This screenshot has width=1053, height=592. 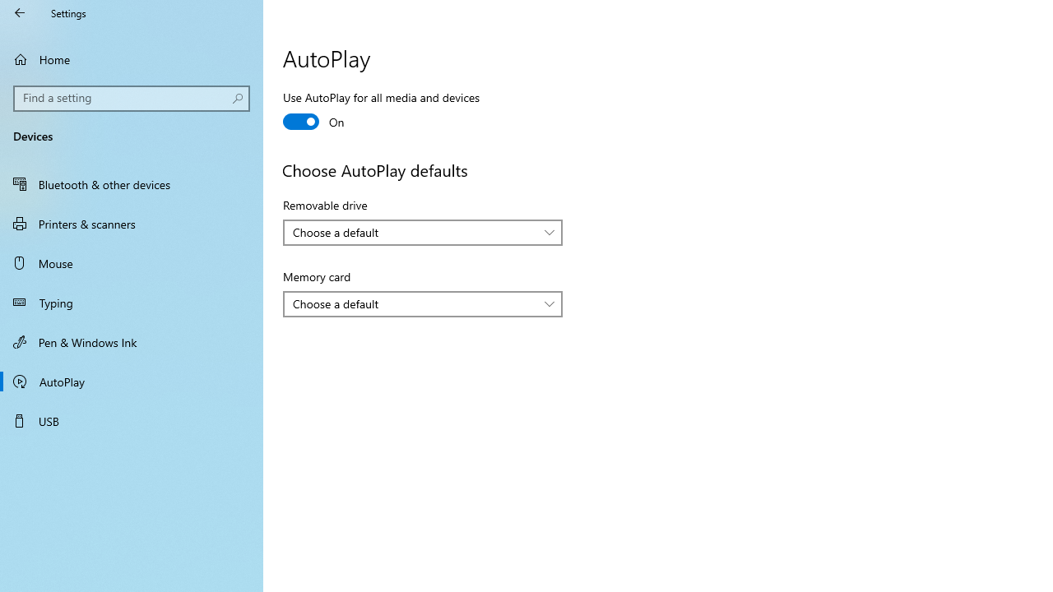 I want to click on 'AutoPlay', so click(x=132, y=382).